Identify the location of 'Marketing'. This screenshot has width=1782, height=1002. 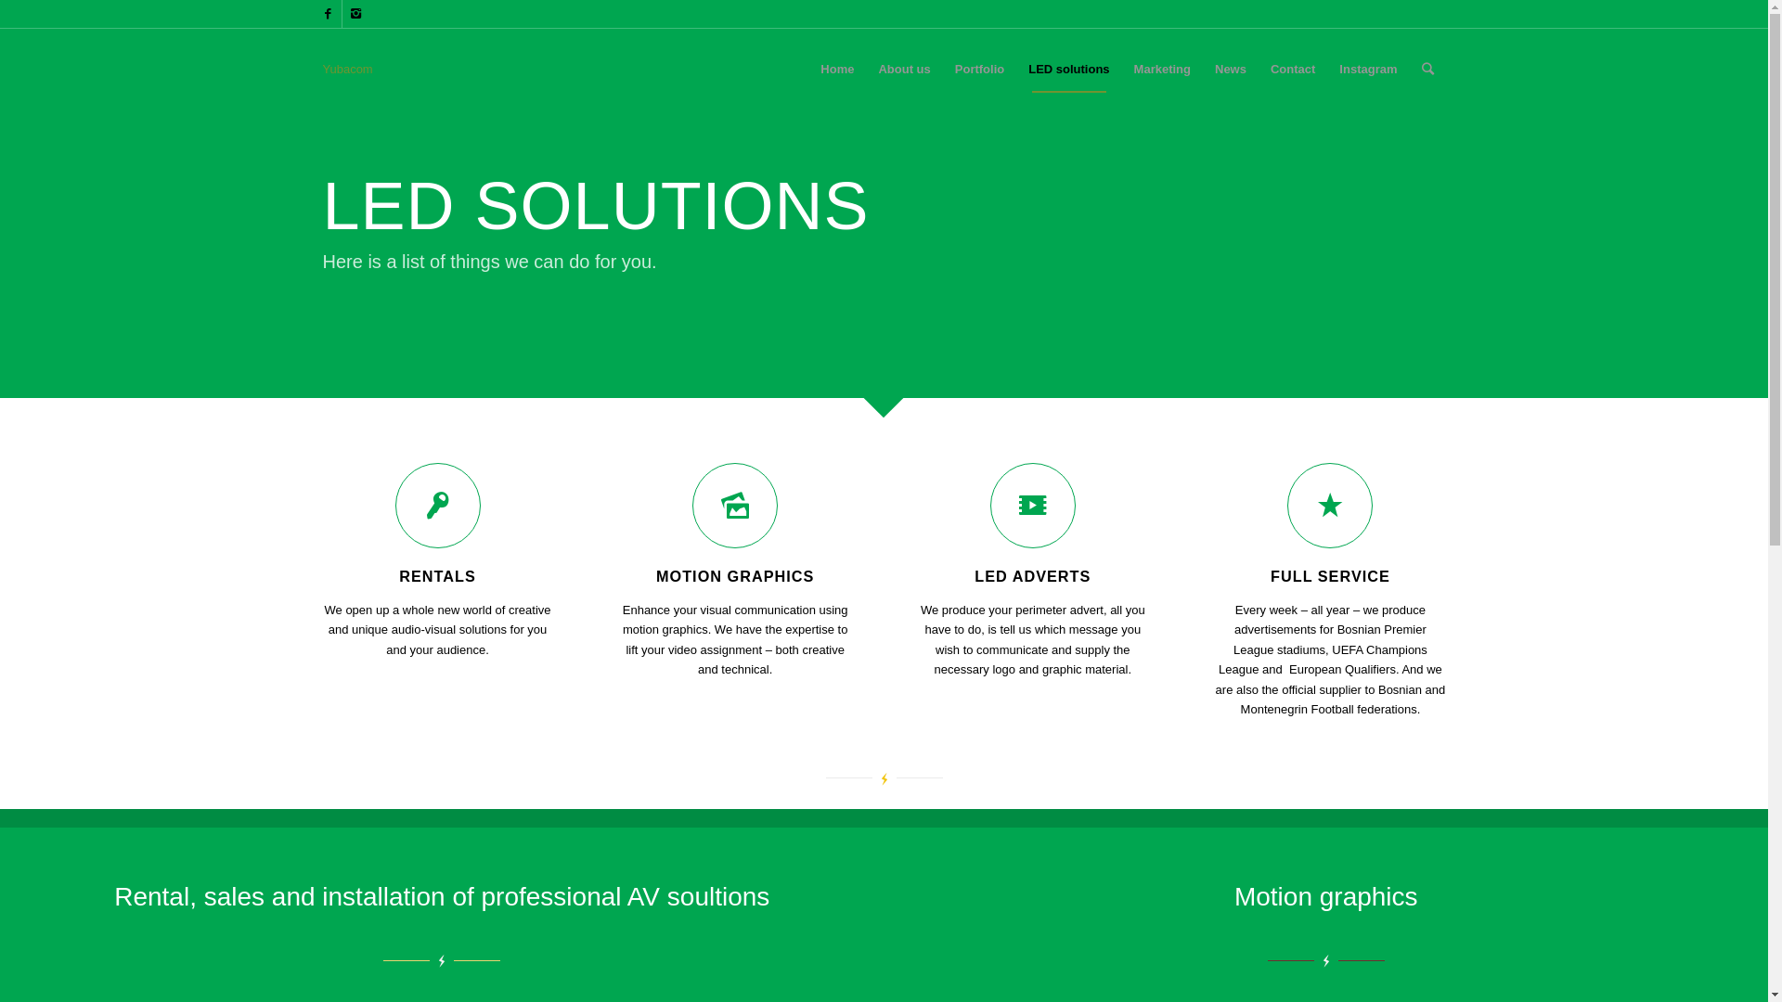
(1161, 68).